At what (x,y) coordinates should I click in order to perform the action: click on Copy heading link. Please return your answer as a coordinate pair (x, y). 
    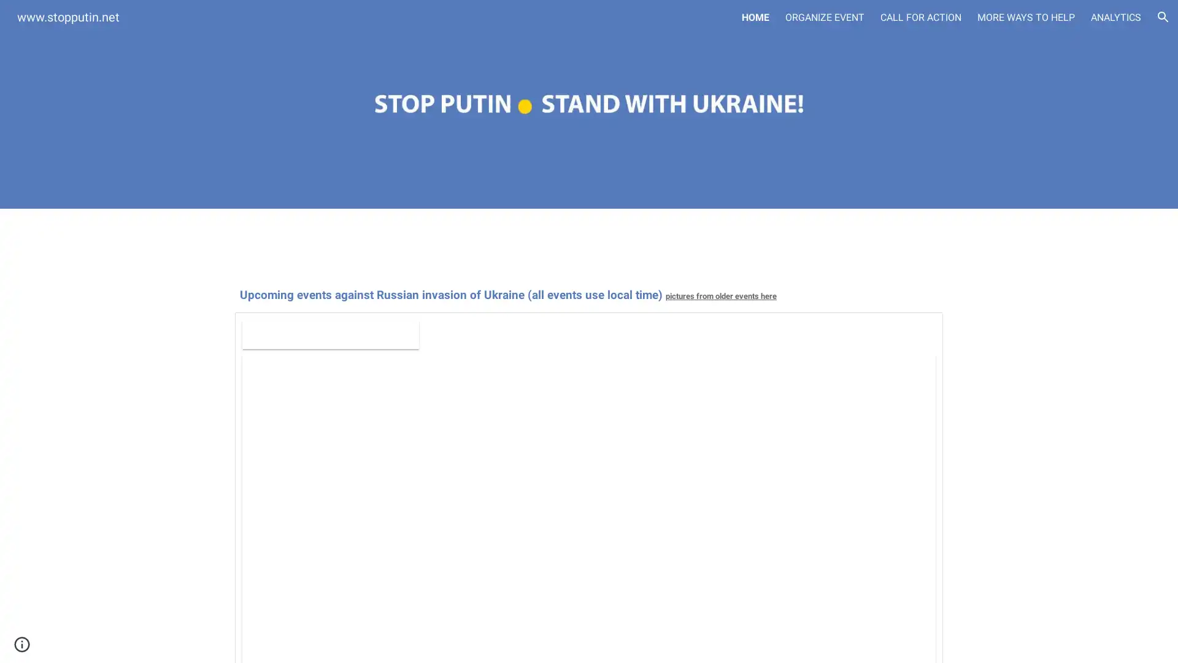
    Looking at the image, I should click on (790, 294).